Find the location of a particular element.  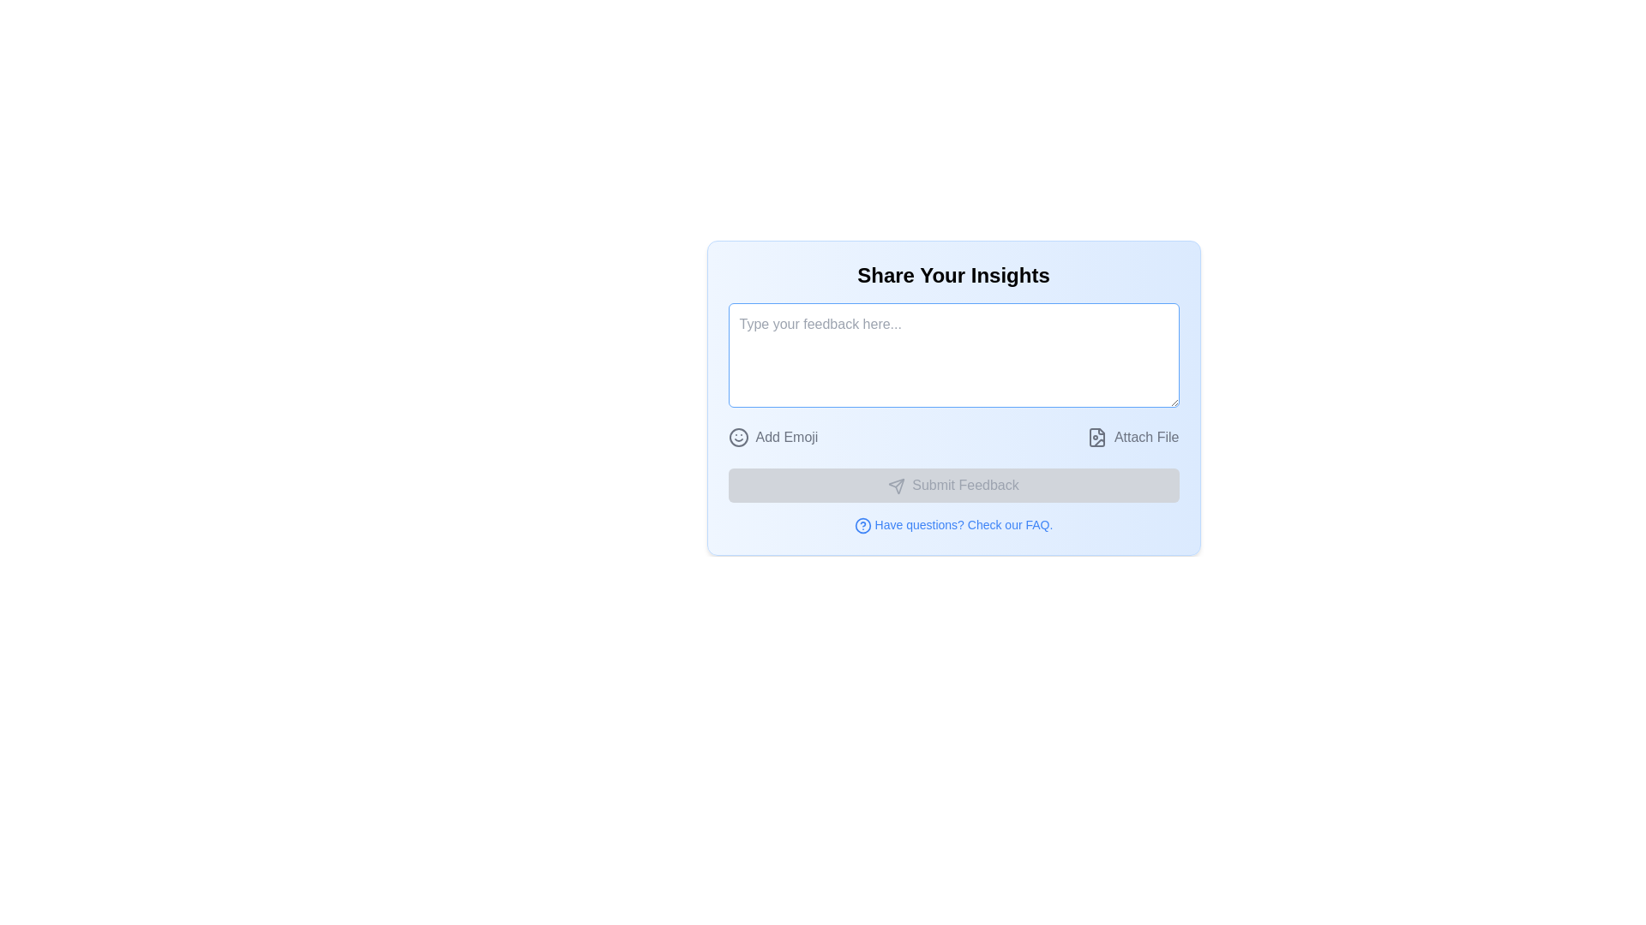

the decorative graphic element, which is the outermost circular boundary of an SVG icon representing 'help', located in the bottom region of the interface is located at coordinates (862, 525).